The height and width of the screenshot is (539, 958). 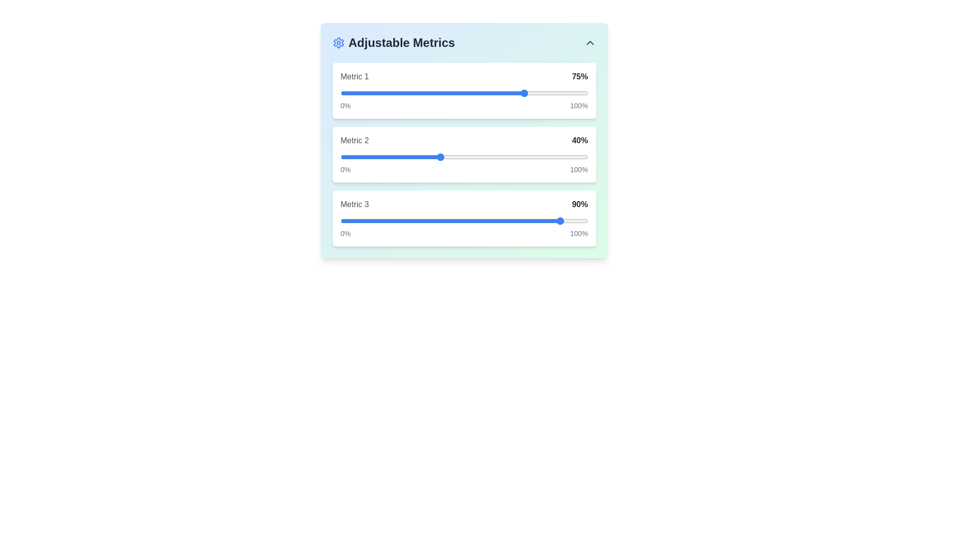 What do you see at coordinates (464, 106) in the screenshot?
I see `the textual label pair indicating the minimum and maximum values of the range (0% and 100%) located within the 'Metric 1' card, positioned below the slider bar` at bounding box center [464, 106].